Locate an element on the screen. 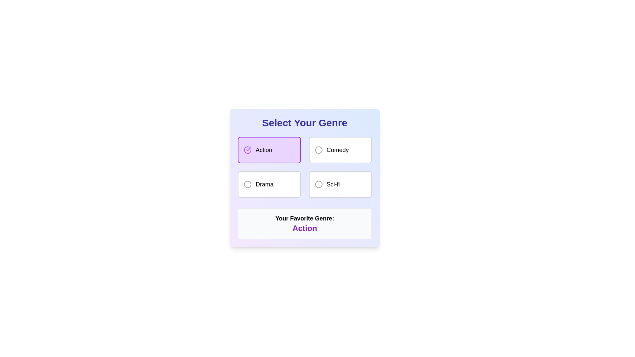  static text label 'Sci-fi' located in the bottom-right option of a 2x2 grid of genre buttons, which is styled with a medium-sized font and has a hover animation is located at coordinates (333, 184).